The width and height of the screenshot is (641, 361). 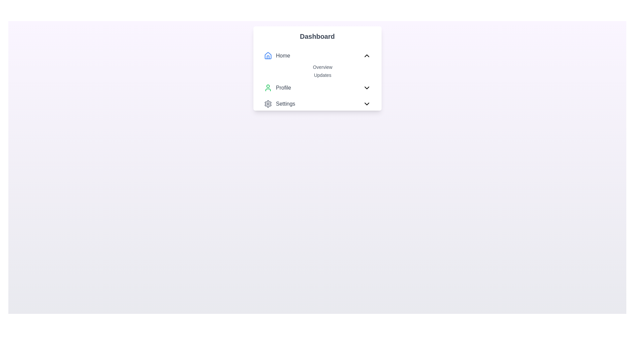 I want to click on the 'Home' text label, which is styled with a medium font size and gray color, located, so click(x=283, y=55).